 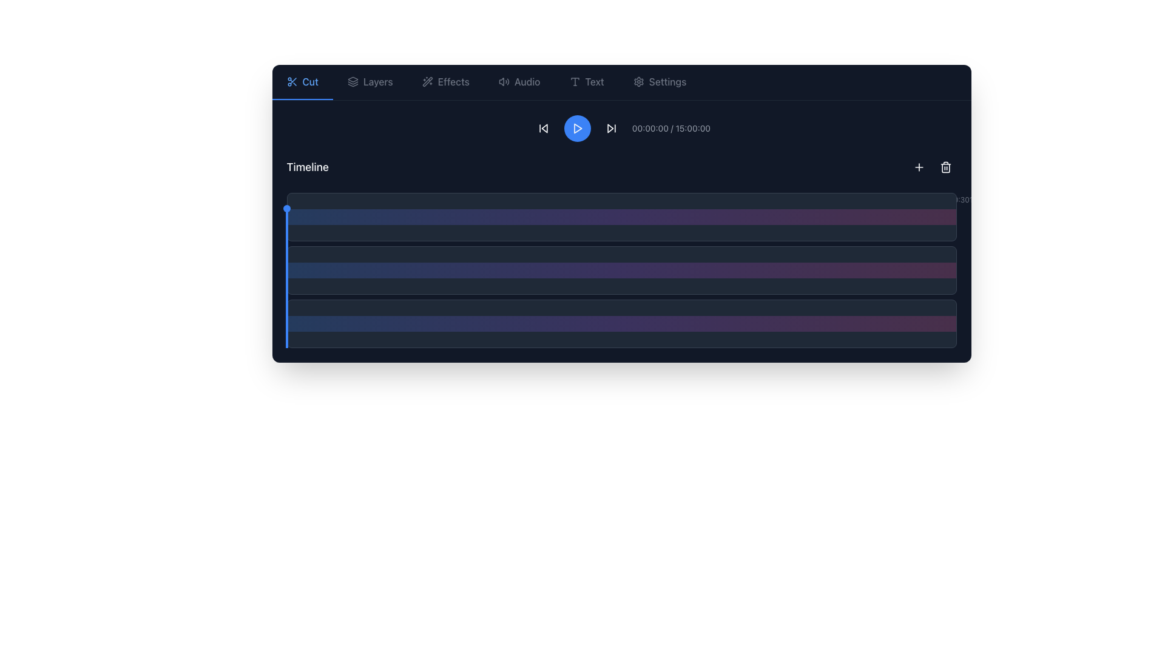 I want to click on the fifth button in the horizontal navigation bar at the top, so click(x=586, y=82).